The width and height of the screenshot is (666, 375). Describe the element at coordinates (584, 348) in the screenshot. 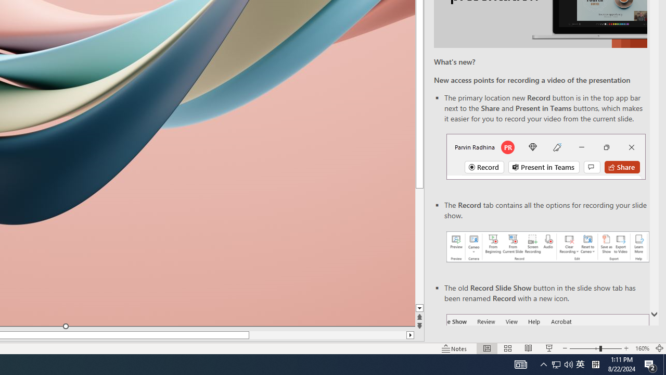

I see `'Zoom Out'` at that location.